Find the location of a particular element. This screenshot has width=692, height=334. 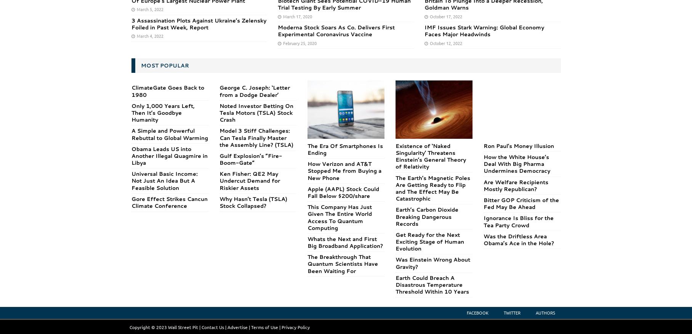

'October 12, 2022' is located at coordinates (445, 42).